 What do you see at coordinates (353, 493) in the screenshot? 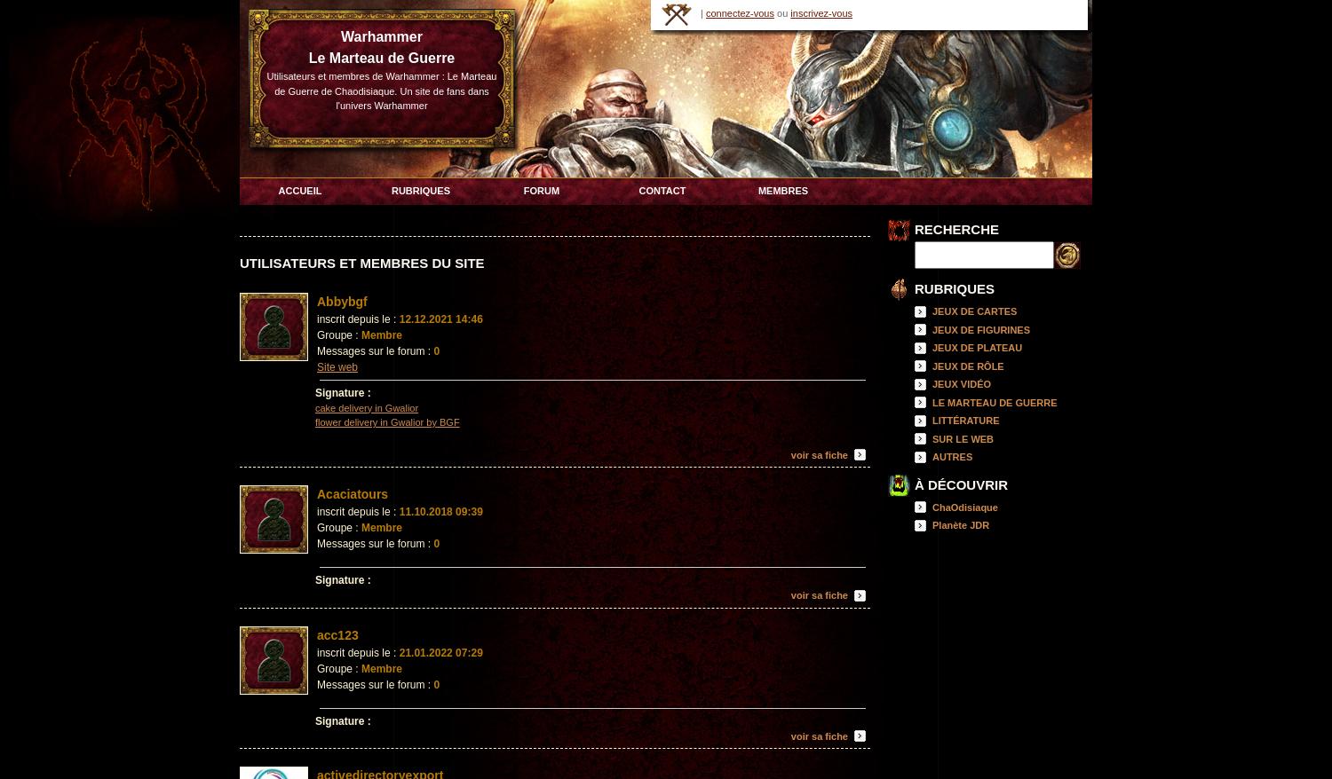
I see `'Acaciatours'` at bounding box center [353, 493].